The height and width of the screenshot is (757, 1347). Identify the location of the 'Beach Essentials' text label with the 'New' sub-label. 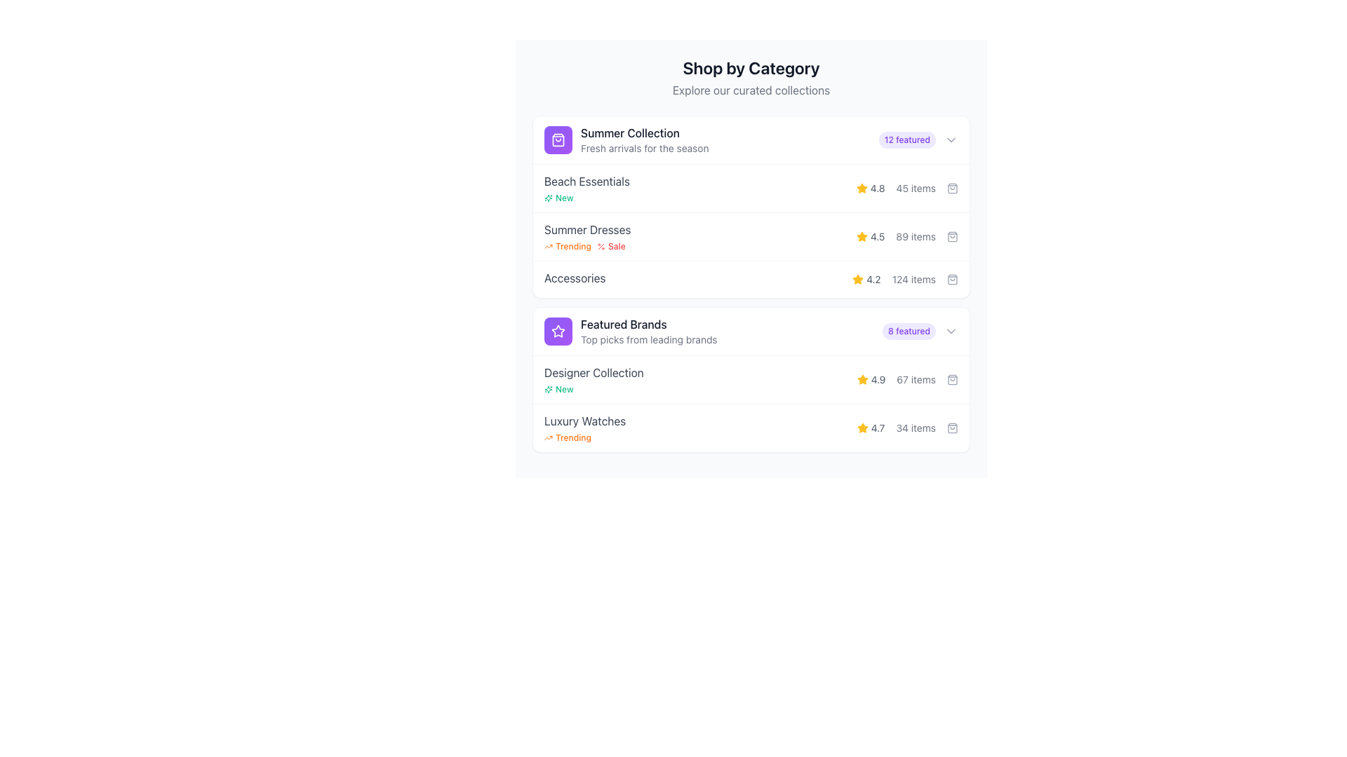
(587, 188).